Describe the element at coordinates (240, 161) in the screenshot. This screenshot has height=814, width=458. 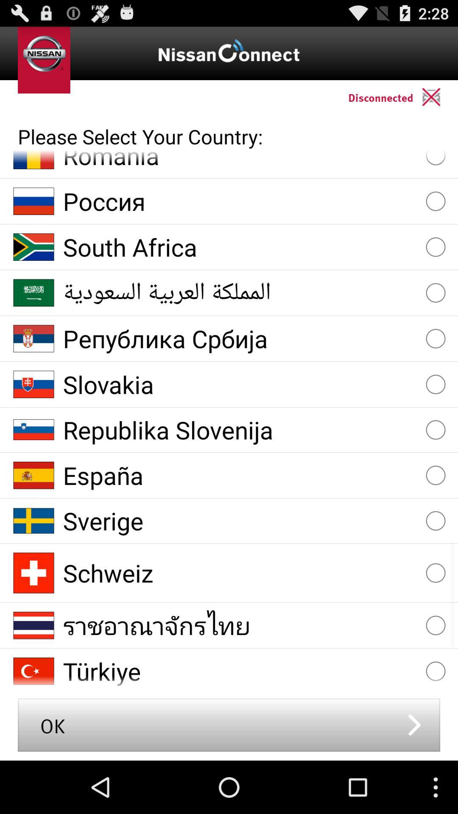
I see `the romania` at that location.